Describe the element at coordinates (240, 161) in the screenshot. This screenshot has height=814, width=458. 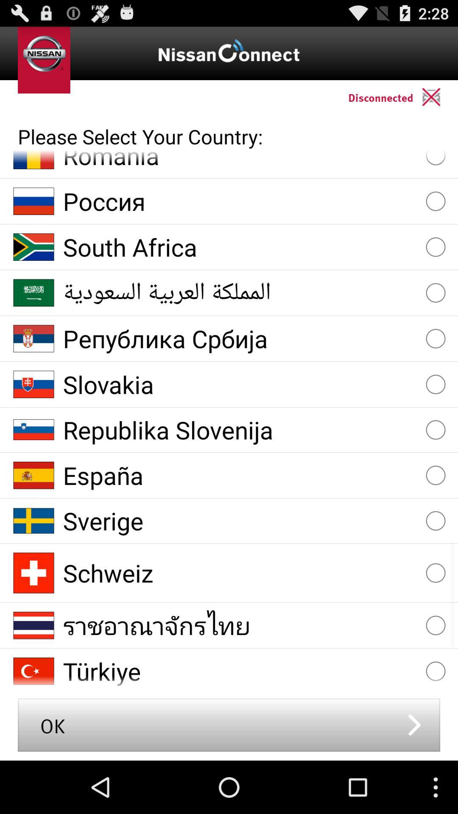
I see `the romania` at that location.